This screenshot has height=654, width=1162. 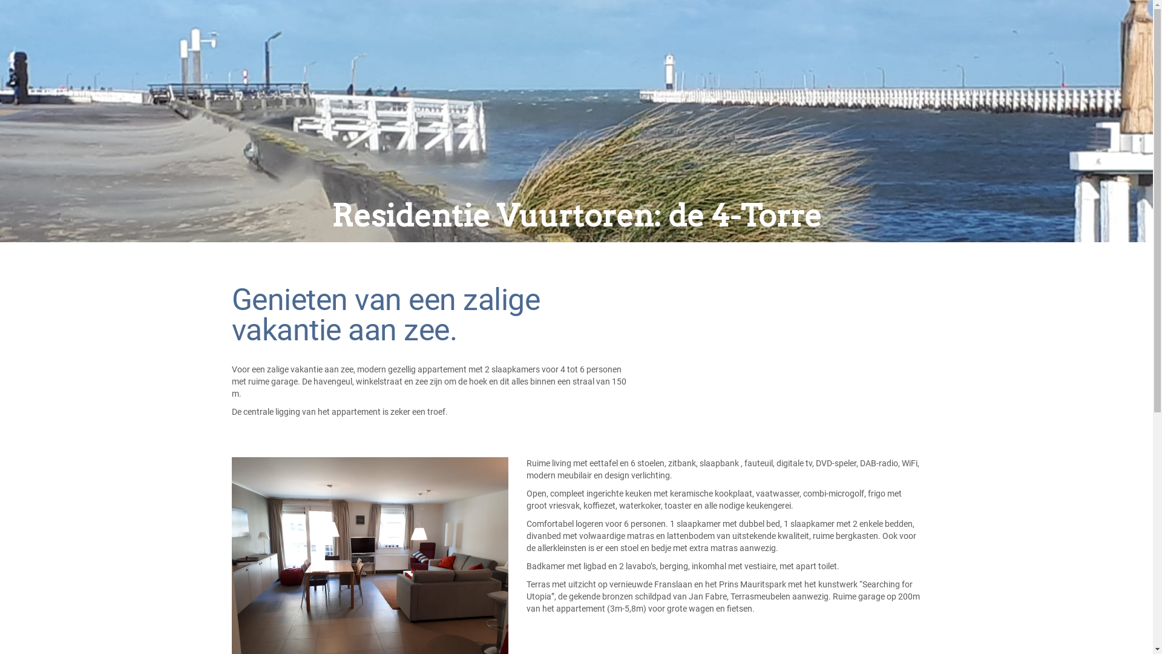 I want to click on 'Home, so click(x=275, y=41).